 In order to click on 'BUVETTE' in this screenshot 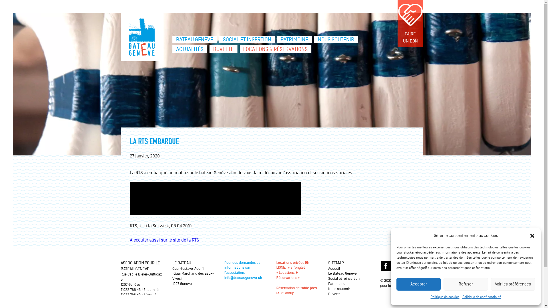, I will do `click(223, 49)`.